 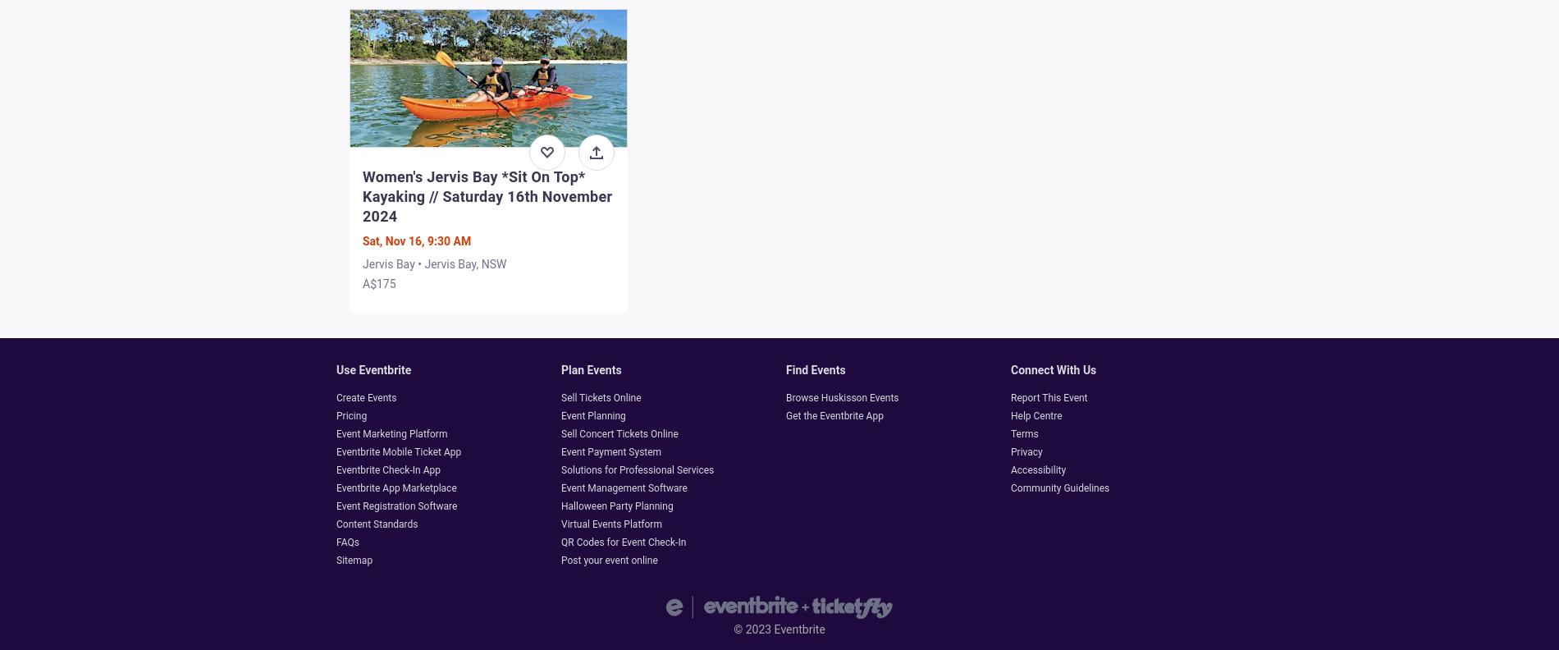 I want to click on 'Event Marketing Platform', so click(x=391, y=433).